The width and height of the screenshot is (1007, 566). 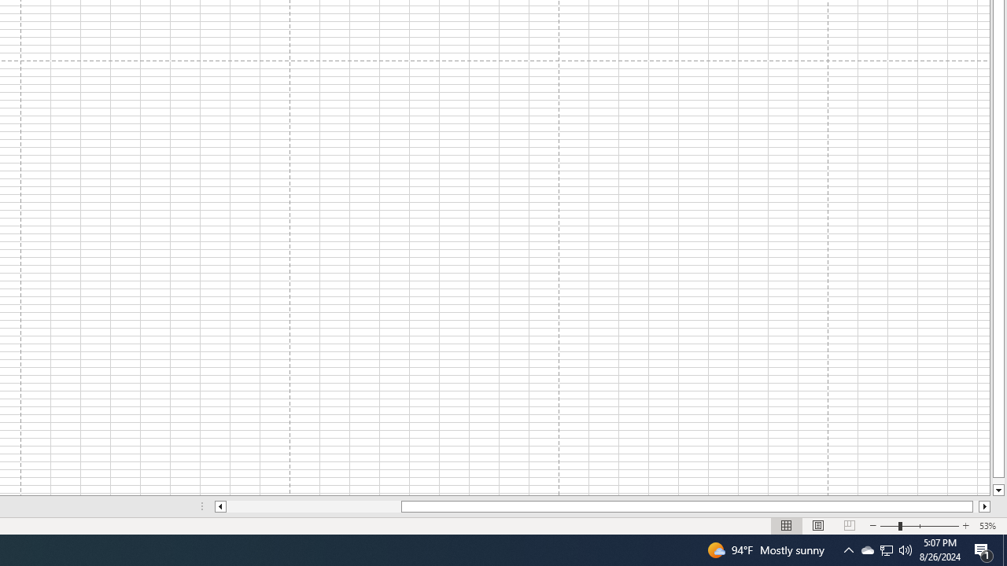 What do you see at coordinates (889, 526) in the screenshot?
I see `'Zoom Out'` at bounding box center [889, 526].